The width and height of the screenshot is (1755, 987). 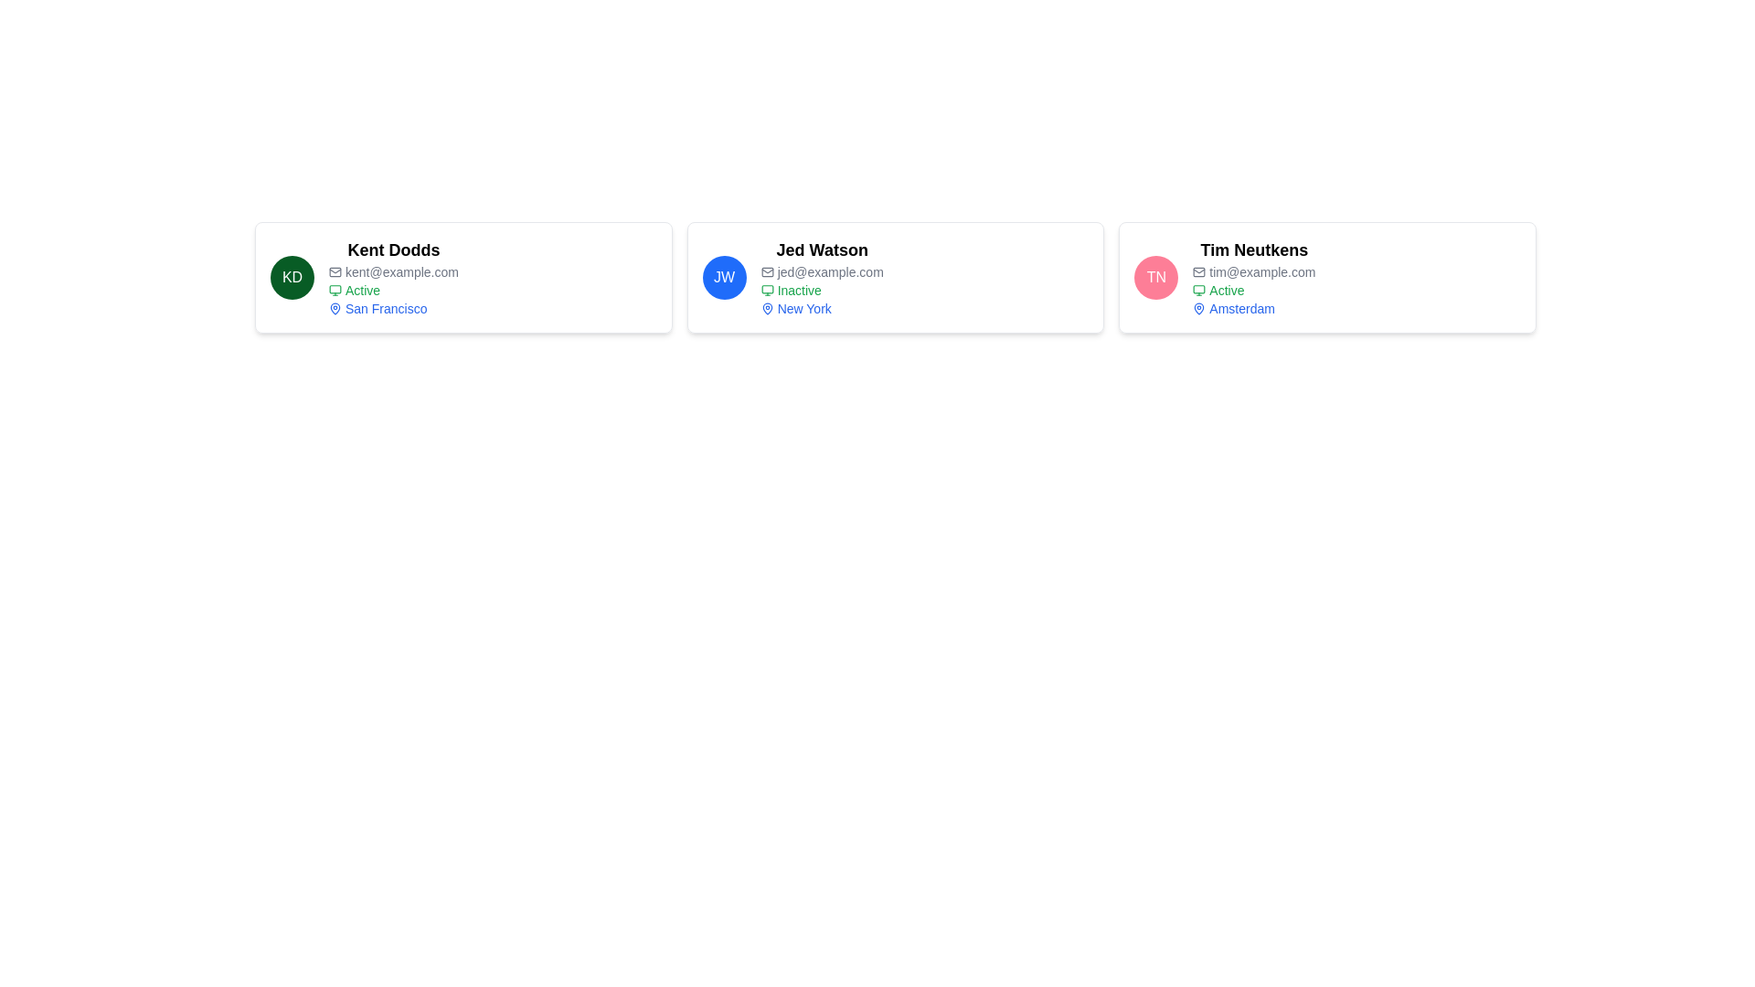 What do you see at coordinates (1253, 308) in the screenshot?
I see `the blue link styled text 'Amsterdam' with a map pin icon located at the bottom of the card about 'Tim Neutkens'` at bounding box center [1253, 308].